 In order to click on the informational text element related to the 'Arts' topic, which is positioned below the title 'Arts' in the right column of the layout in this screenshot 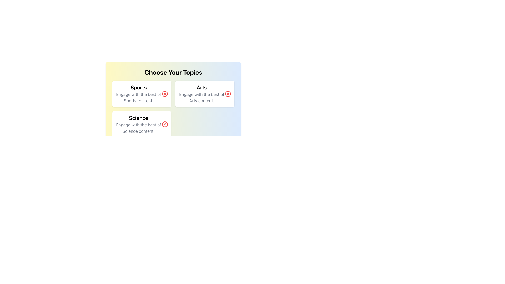, I will do `click(201, 97)`.